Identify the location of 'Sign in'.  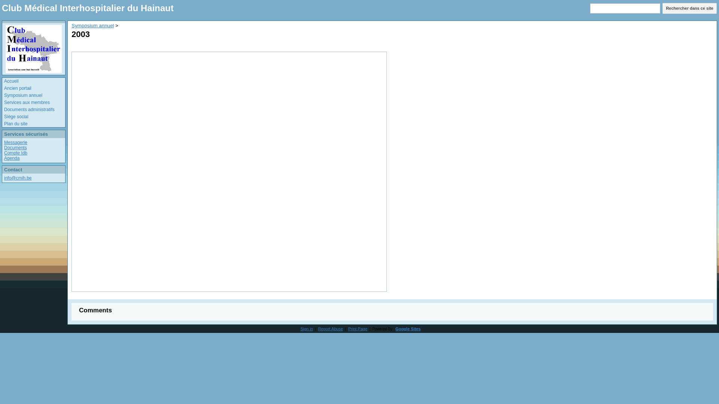
(307, 328).